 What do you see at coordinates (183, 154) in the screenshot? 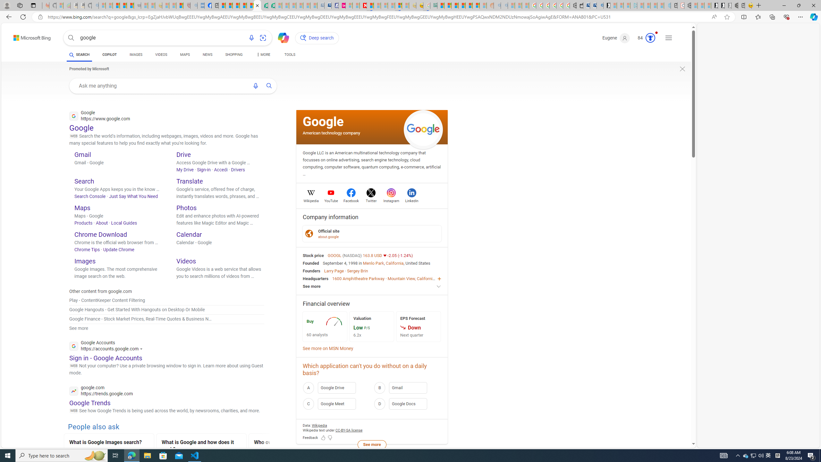
I see `'Drive'` at bounding box center [183, 154].